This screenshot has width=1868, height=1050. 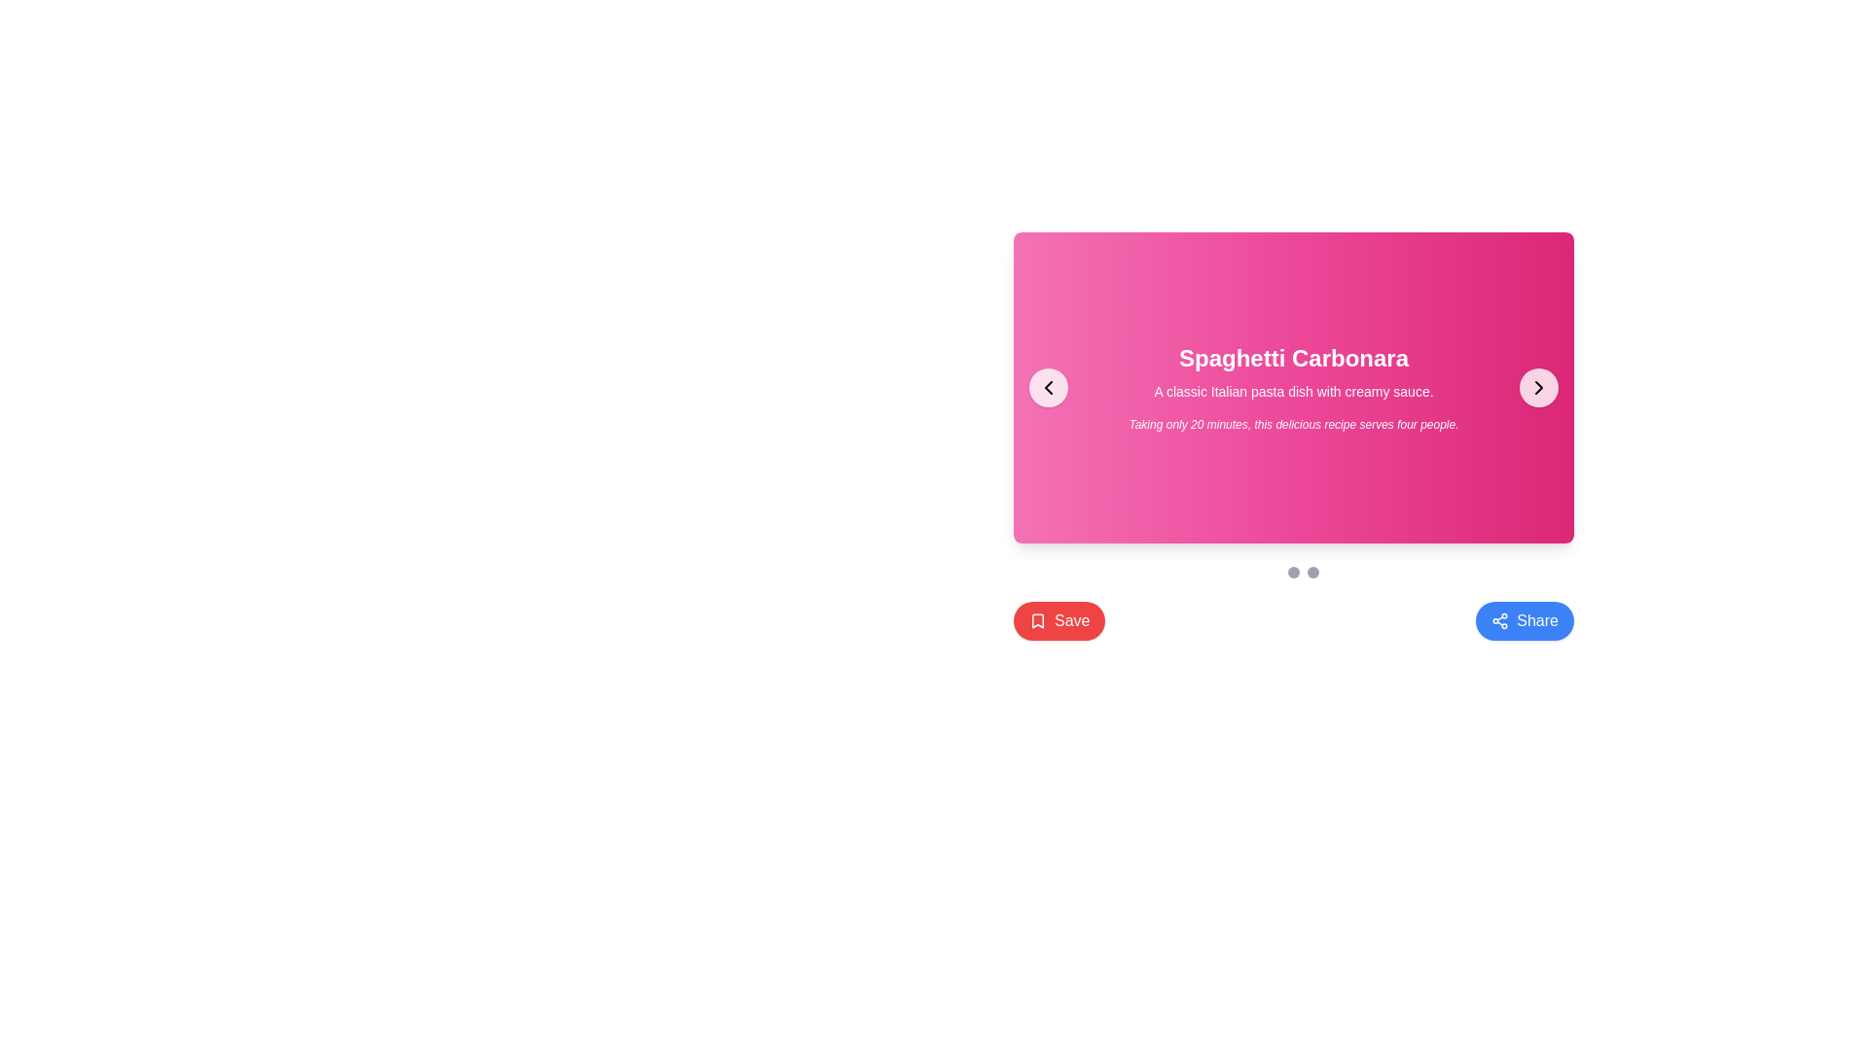 What do you see at coordinates (1293, 391) in the screenshot?
I see `text block displaying the phrase 'A classic Italian pasta dish with creamy sauce.' which is centrally positioned below the title 'Spaghetti Carbonara' and above the description 'Taking only 20 minutes, this delicious recipe serves four people.'` at bounding box center [1293, 391].